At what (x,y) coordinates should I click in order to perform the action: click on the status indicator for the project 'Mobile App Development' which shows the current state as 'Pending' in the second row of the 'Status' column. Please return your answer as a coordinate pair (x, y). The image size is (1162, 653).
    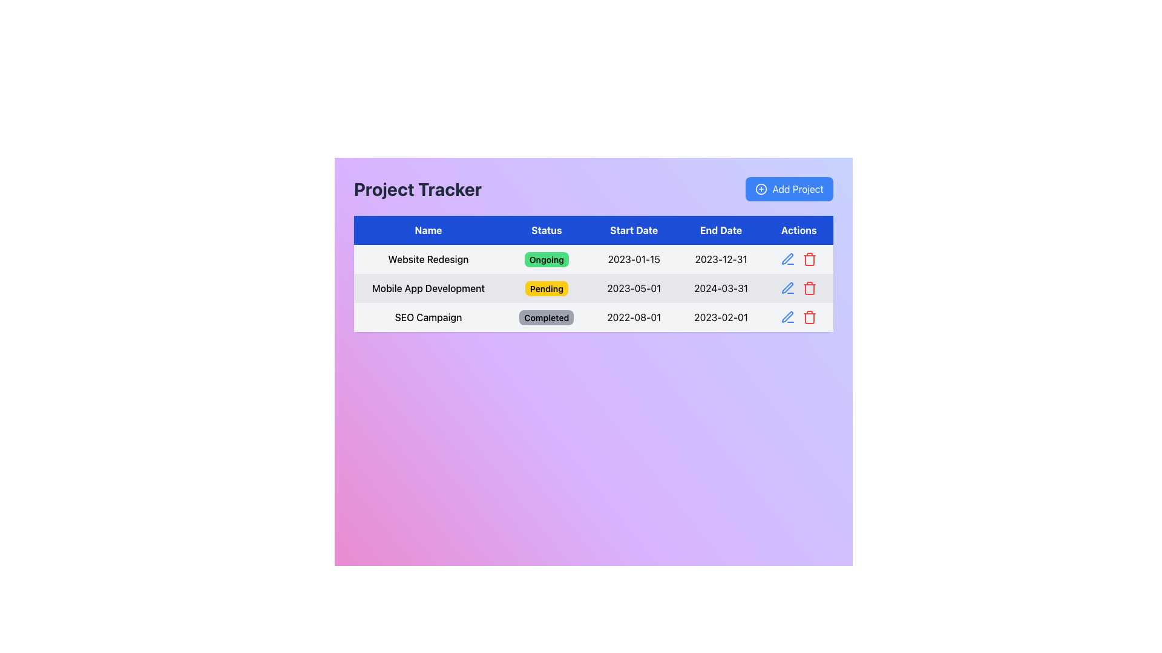
    Looking at the image, I should click on (546, 288).